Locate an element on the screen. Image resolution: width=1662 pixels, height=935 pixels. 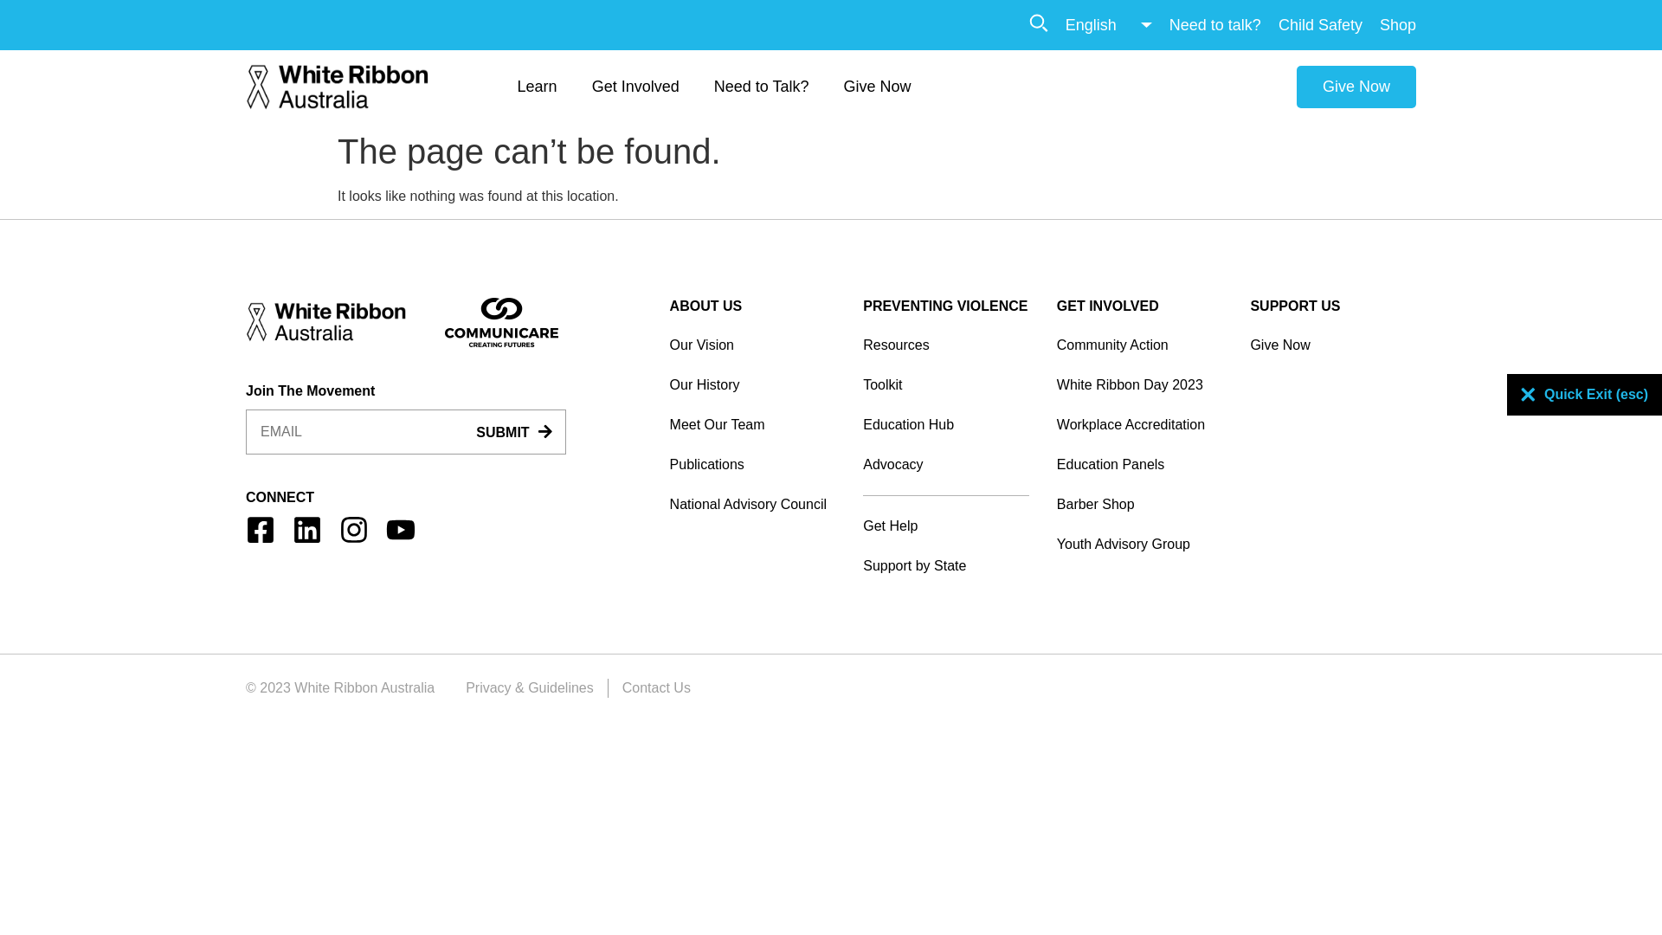
'National Advisory Council' is located at coordinates (668, 504).